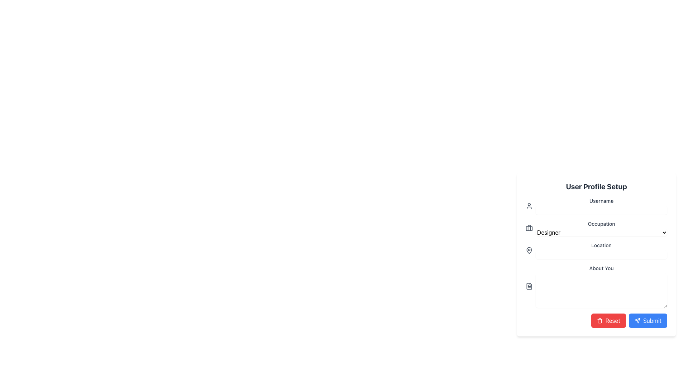 Image resolution: width=688 pixels, height=387 pixels. Describe the element at coordinates (637, 320) in the screenshot. I see `the paper plane icon located on the right side of the blue 'Submit' button at the bottom-right of the form layout` at that location.